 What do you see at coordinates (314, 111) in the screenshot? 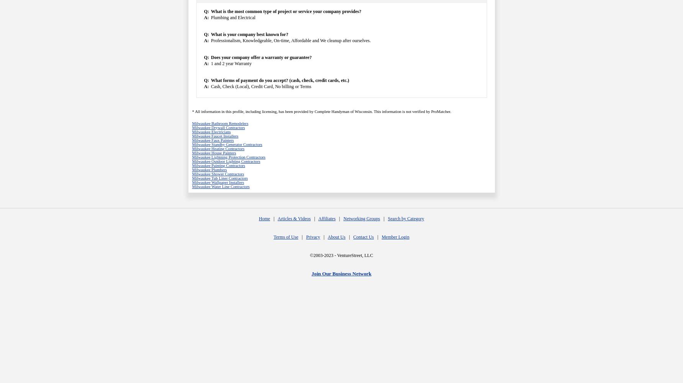
I see `'Complete Handyman of Wisconsin'` at bounding box center [314, 111].